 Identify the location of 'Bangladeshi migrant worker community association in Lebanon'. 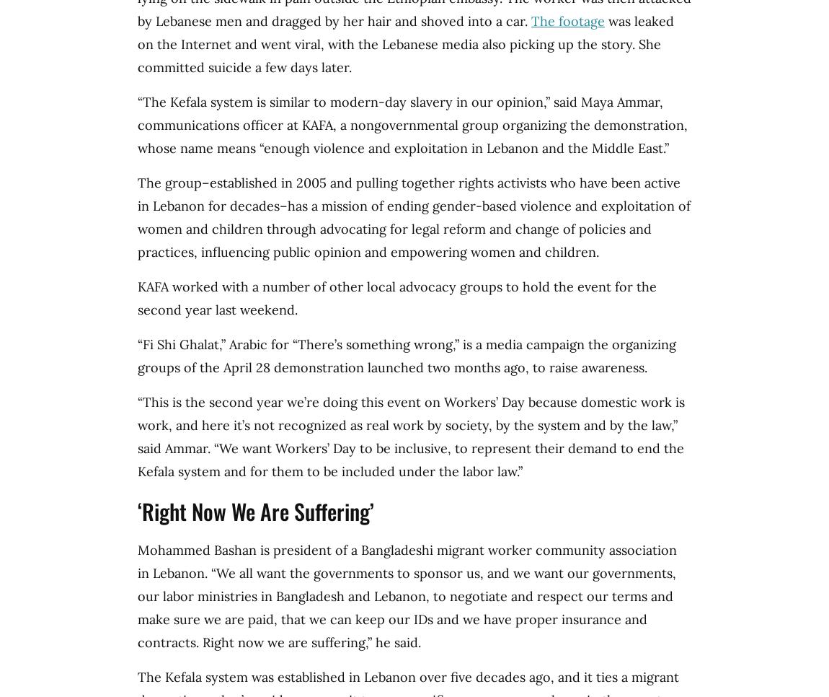
(407, 561).